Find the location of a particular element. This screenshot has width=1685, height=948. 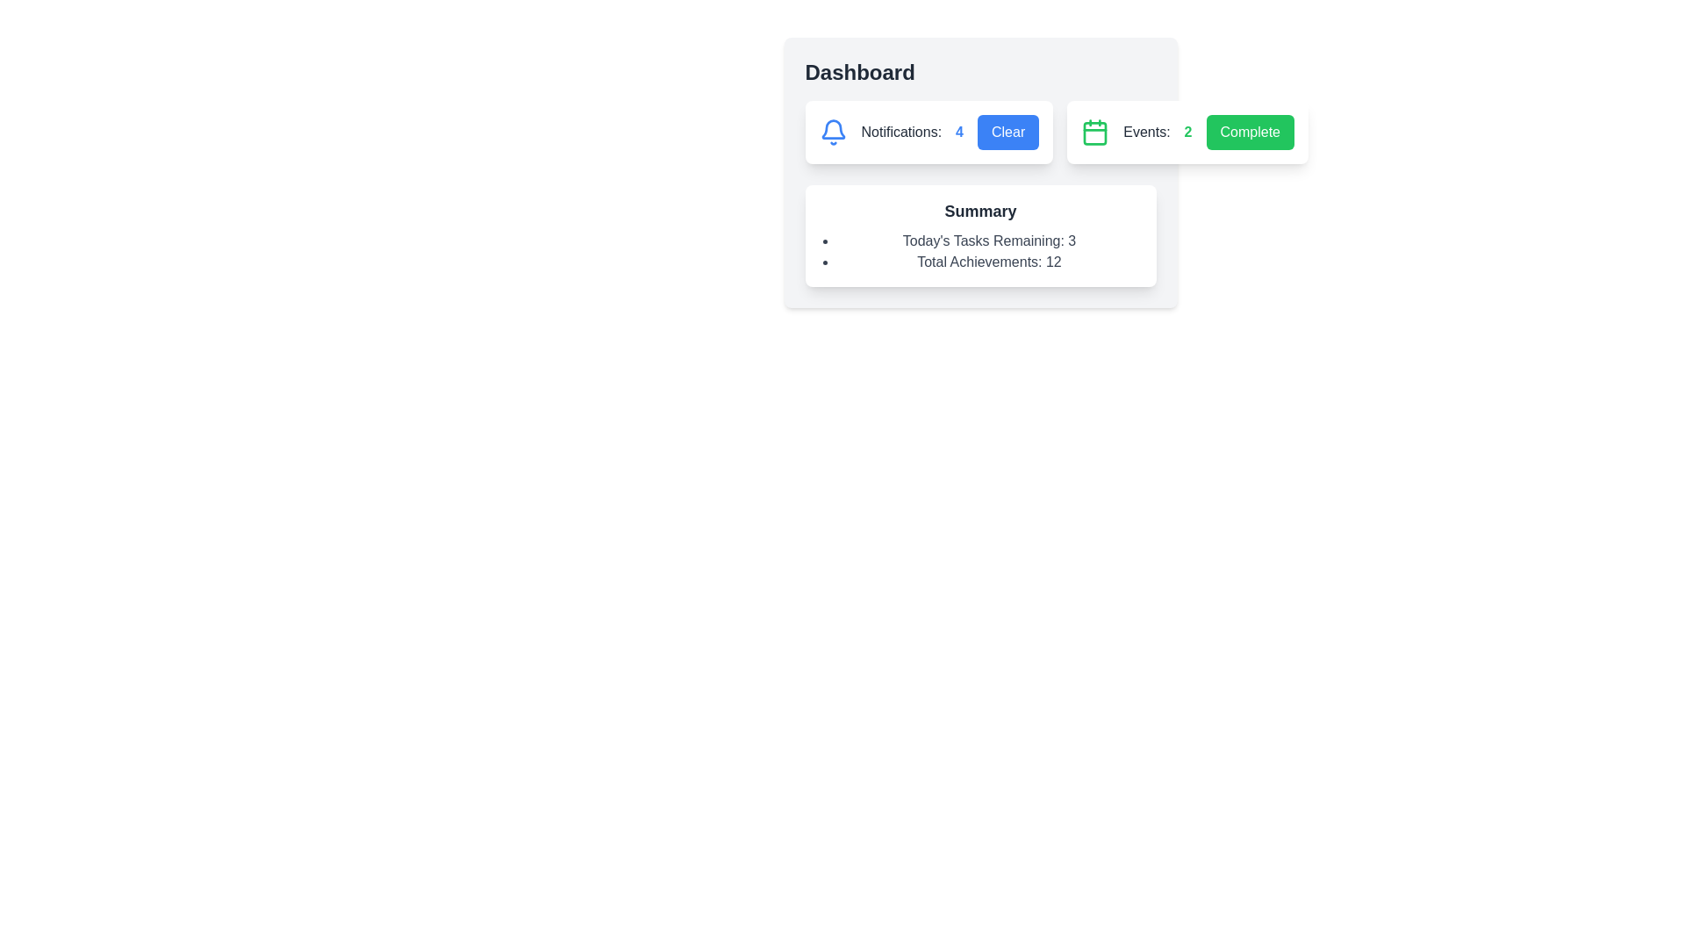

the green calendar icon located to the left of the text 'Events: 2' is located at coordinates (1094, 131).